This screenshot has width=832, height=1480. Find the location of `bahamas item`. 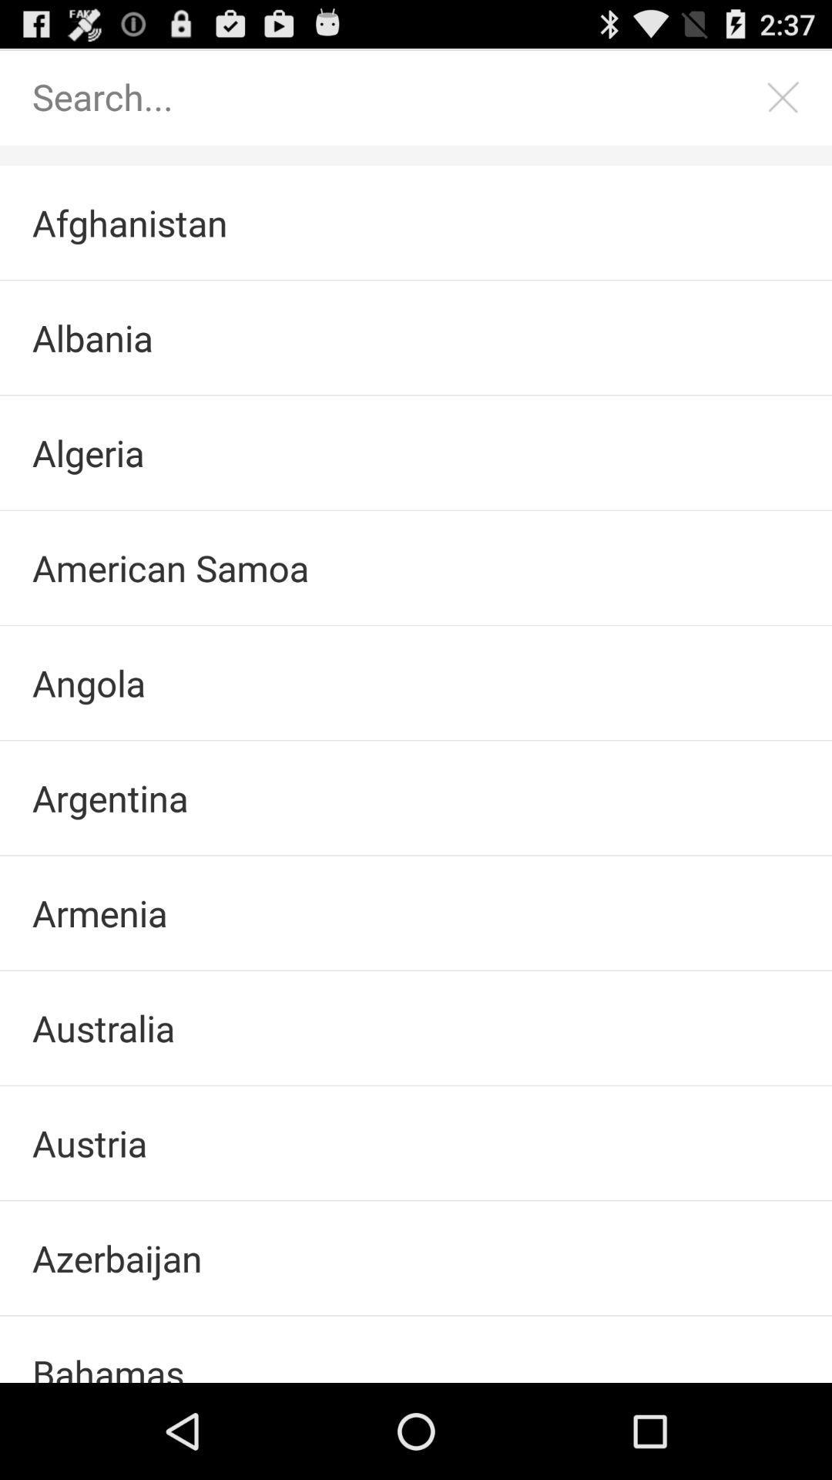

bahamas item is located at coordinates (416, 1348).